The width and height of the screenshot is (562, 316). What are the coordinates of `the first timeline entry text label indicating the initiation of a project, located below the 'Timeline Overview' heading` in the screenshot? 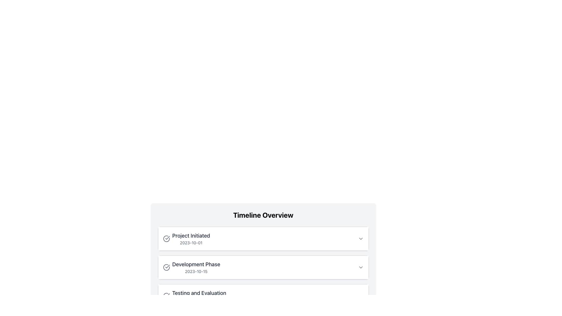 It's located at (191, 239).